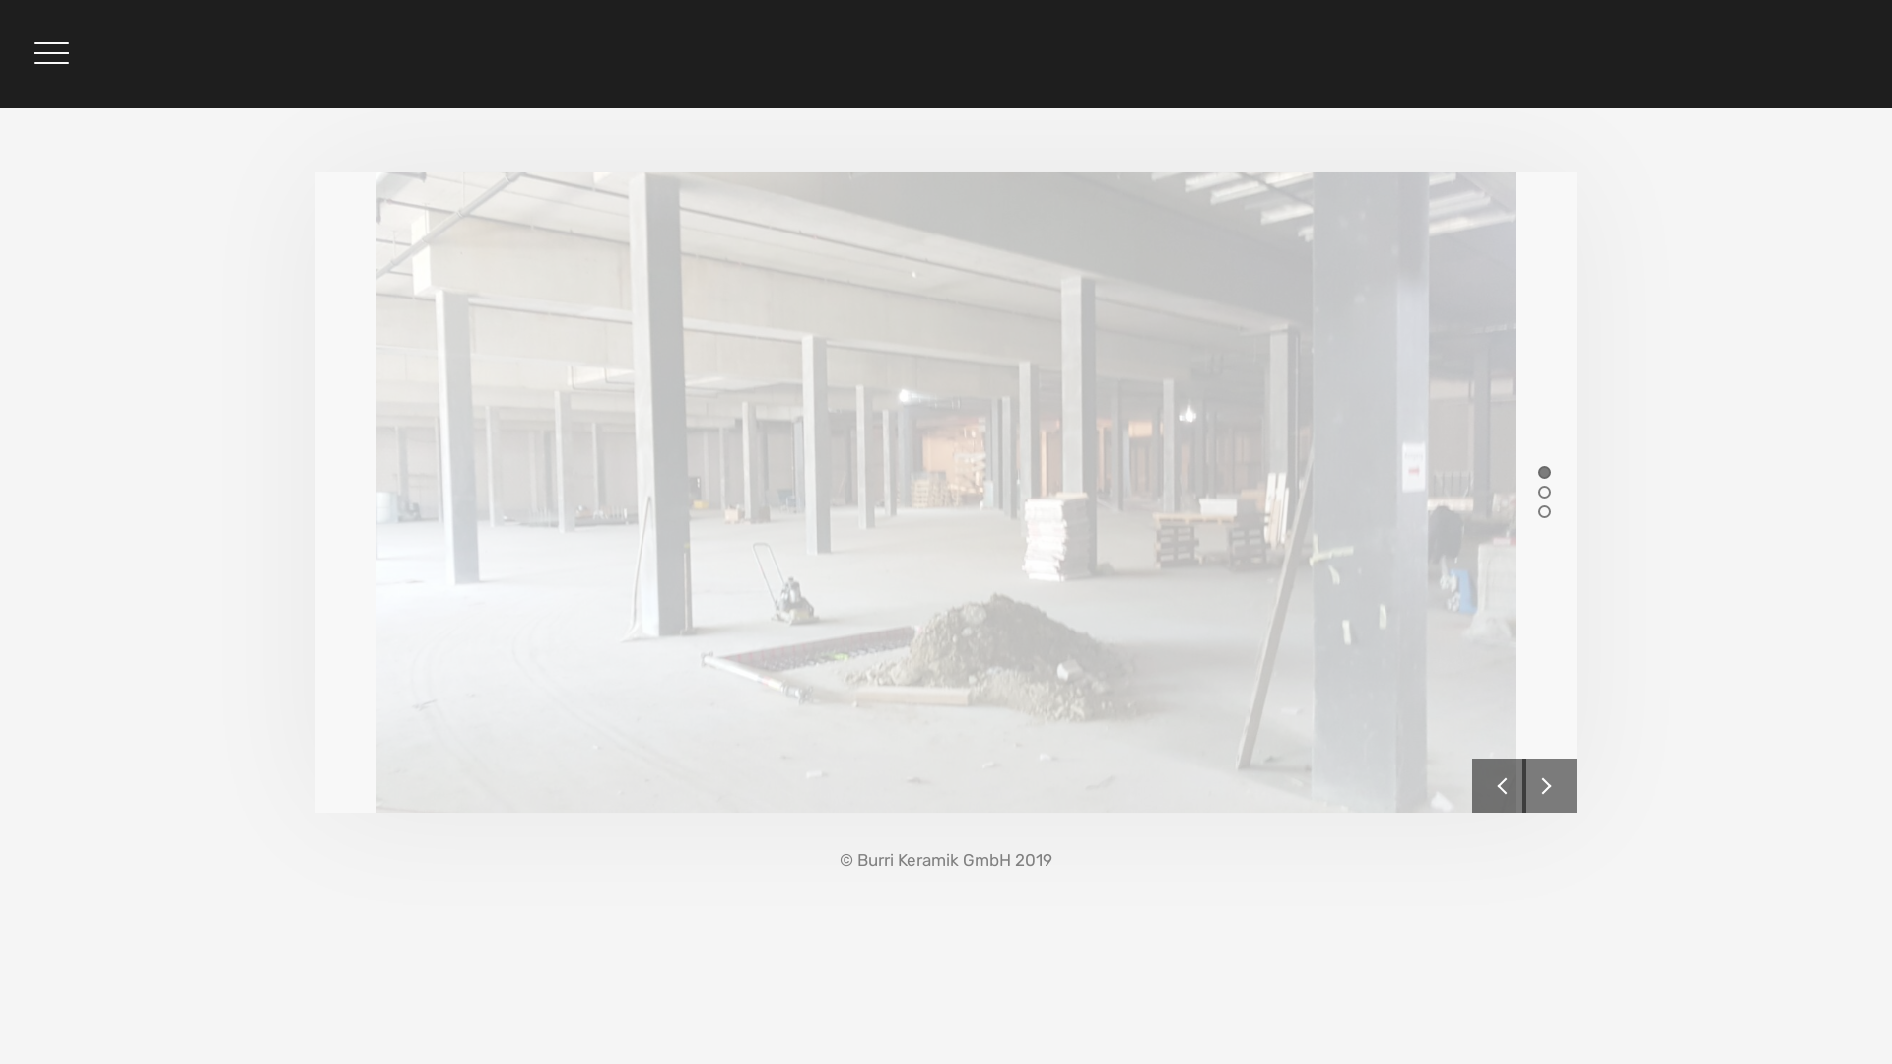  I want to click on '2', so click(1543, 490).